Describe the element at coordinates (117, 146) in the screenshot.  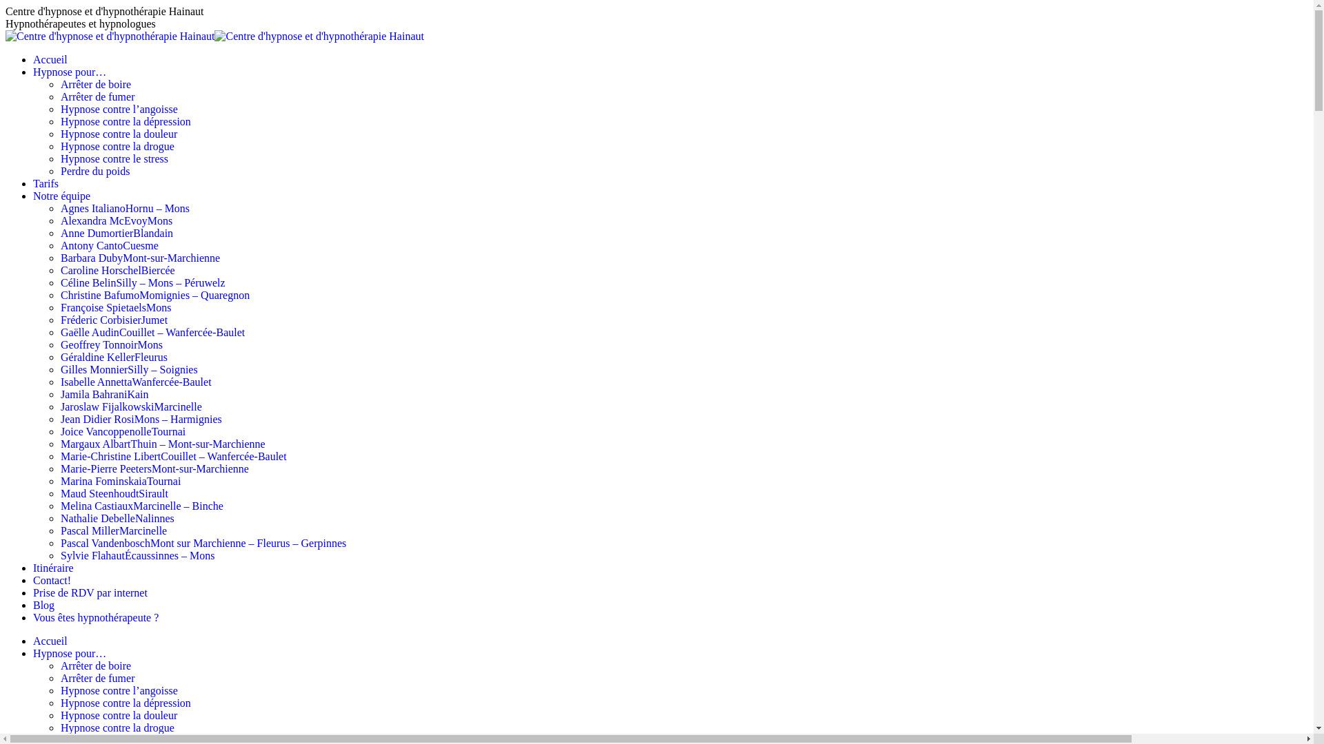
I see `'Hypnose contre la drogue'` at that location.